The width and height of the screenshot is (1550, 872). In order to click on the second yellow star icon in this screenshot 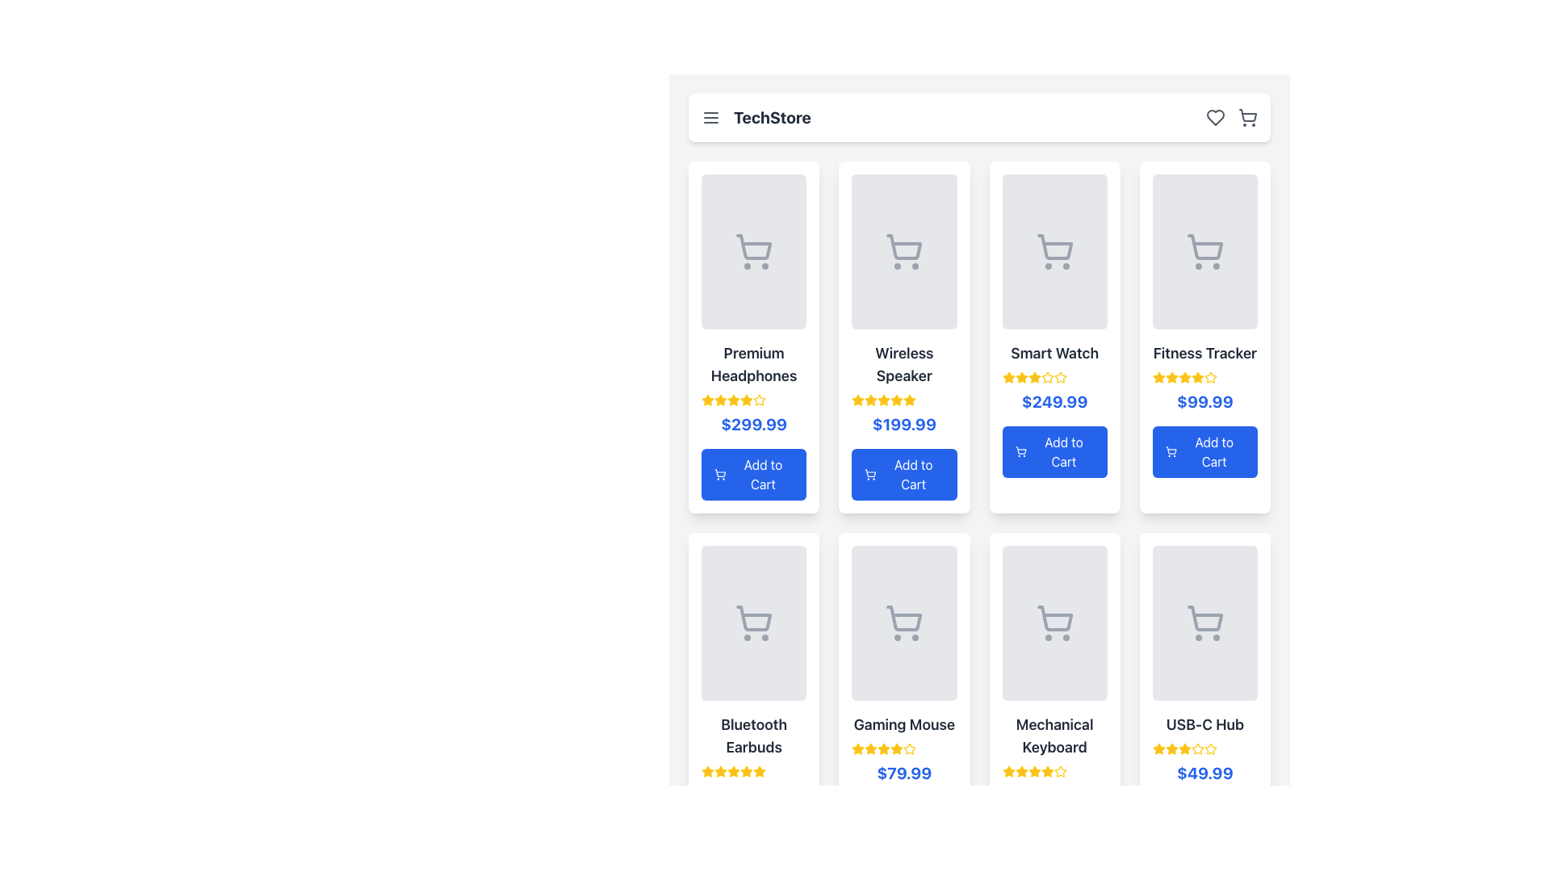, I will do `click(1020, 377)`.